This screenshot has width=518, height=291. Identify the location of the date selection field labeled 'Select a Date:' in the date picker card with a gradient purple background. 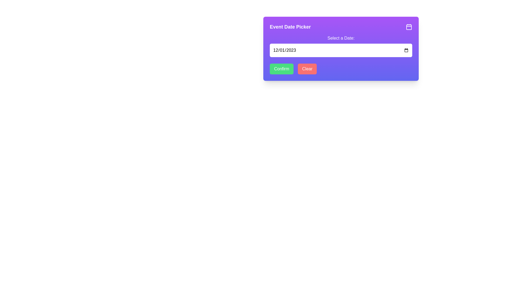
(340, 49).